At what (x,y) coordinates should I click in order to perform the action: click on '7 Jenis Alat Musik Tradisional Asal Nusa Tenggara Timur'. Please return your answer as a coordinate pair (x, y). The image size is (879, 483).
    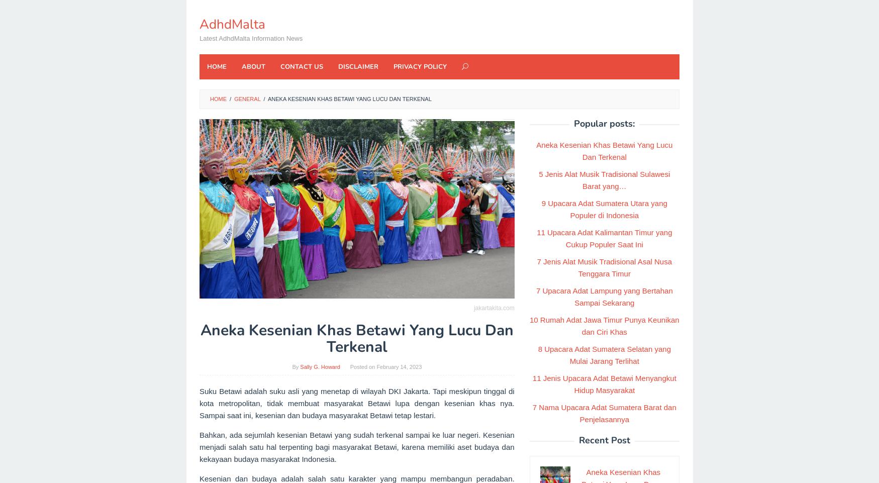
    Looking at the image, I should click on (604, 267).